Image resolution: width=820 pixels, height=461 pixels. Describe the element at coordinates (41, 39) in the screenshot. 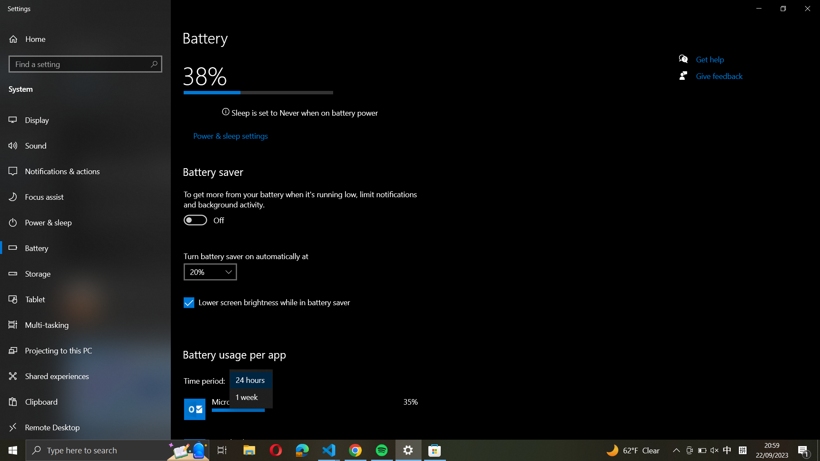

I see `the Home settings from the left panel` at that location.